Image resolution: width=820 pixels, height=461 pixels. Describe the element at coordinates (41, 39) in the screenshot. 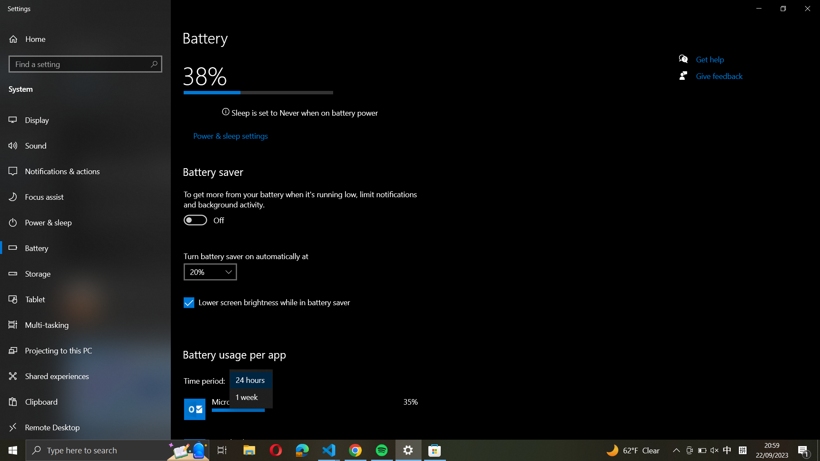

I see `the Home settings from the left panel` at that location.